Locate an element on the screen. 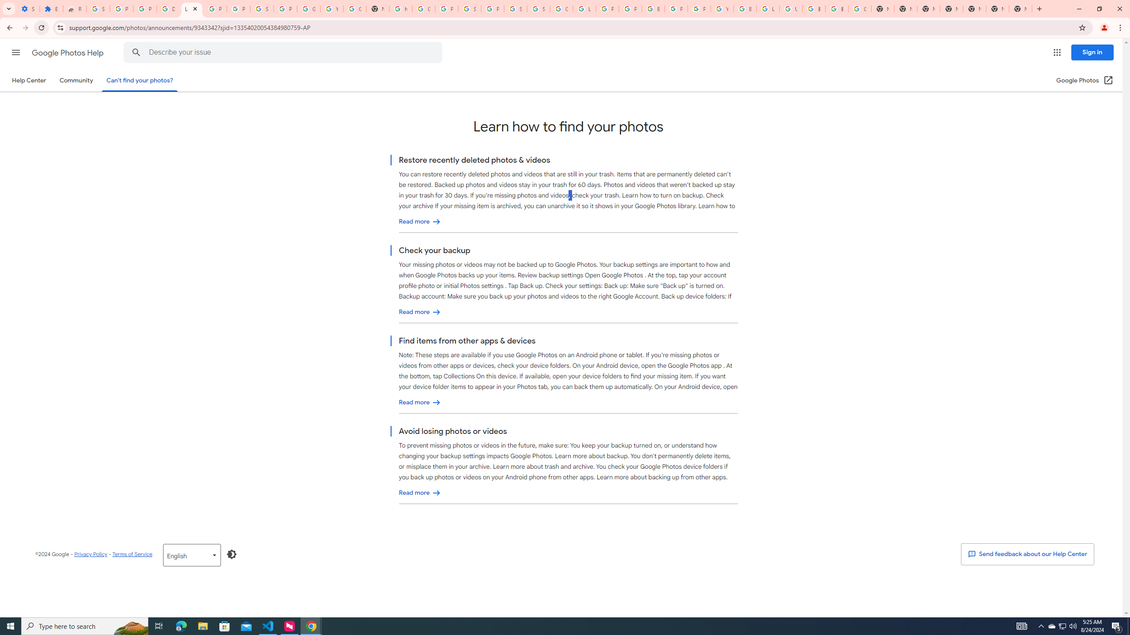 The height and width of the screenshot is (635, 1130). 'Privacy Help Center - Policies Help' is located at coordinates (629, 8).